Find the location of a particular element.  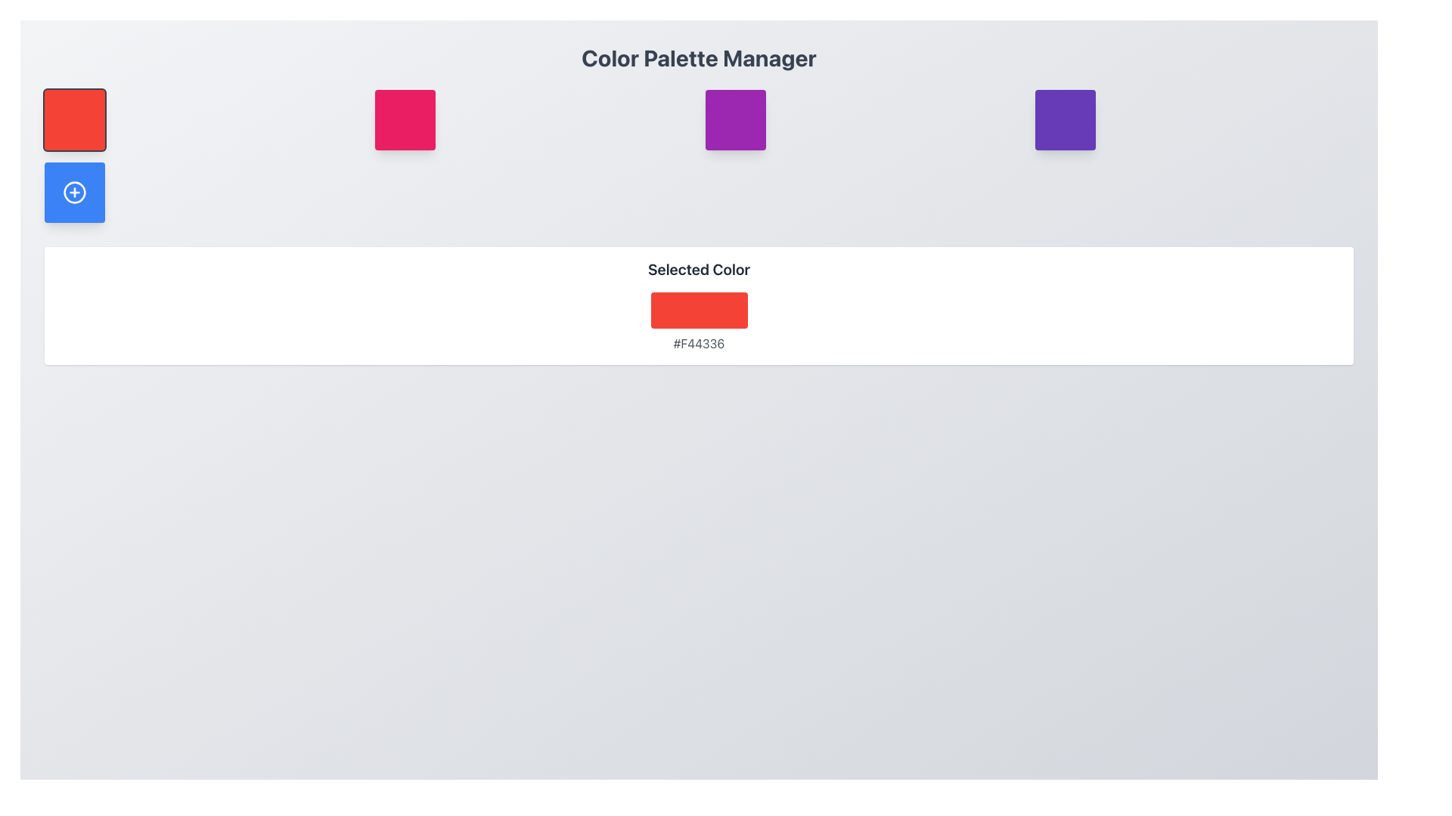

the blue square button with a white circular border and a plus sign inside, located in the bottom-left corner of the grid layout is located at coordinates (74, 191).